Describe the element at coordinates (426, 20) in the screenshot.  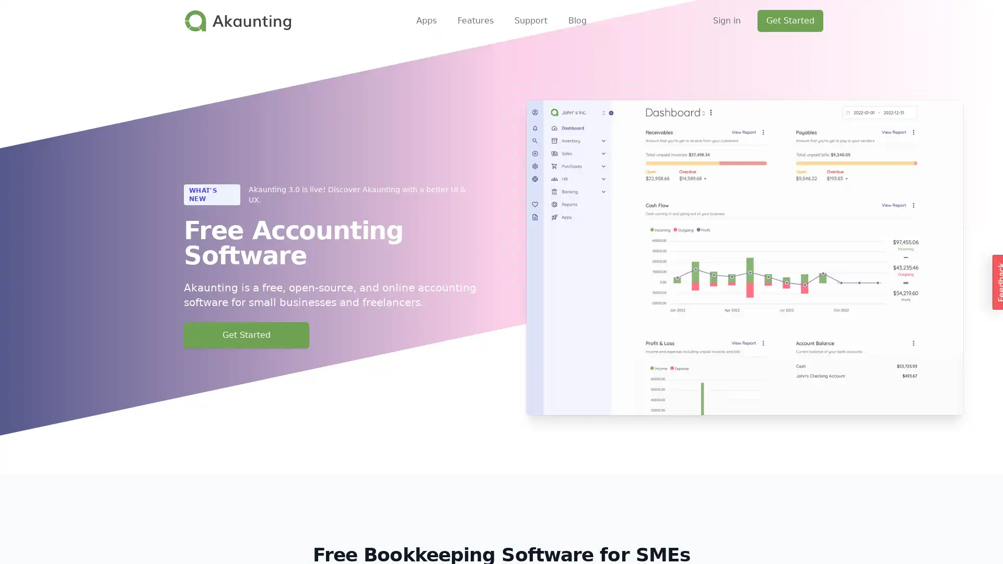
I see `Apps` at that location.